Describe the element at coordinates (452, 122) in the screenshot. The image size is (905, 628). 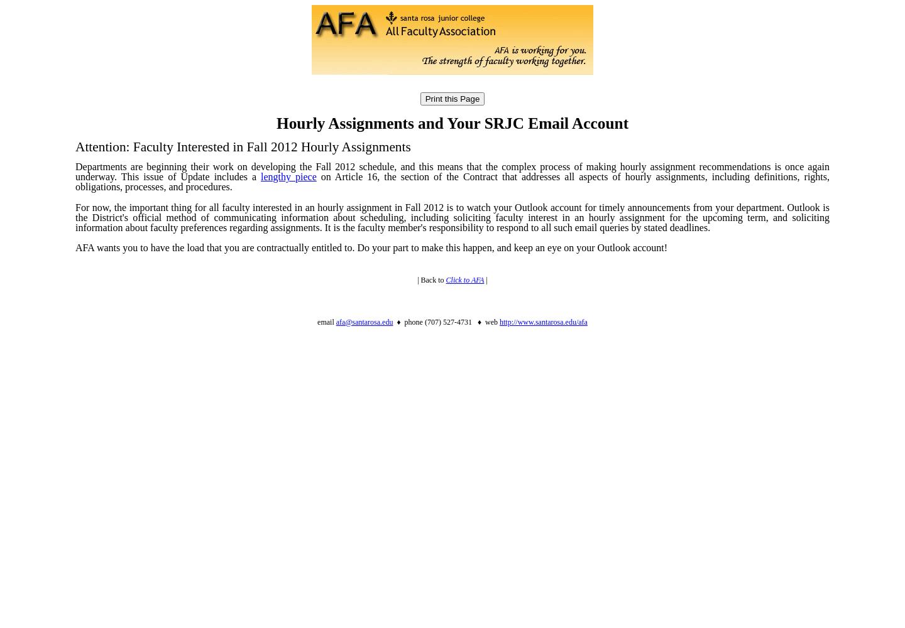
I see `'Hourly Assignments and Your SRJC Email Account'` at that location.